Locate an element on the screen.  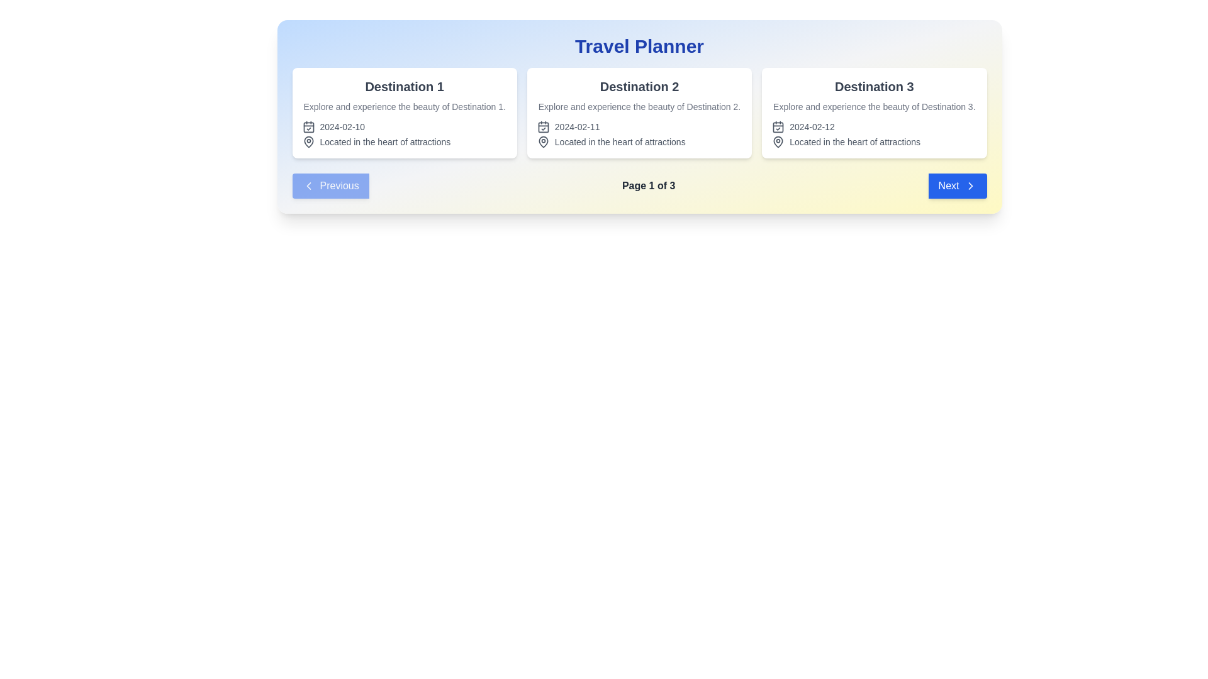
descriptive text element located below the title 'Destination 2' in the card, which highlights its appeal or purpose is located at coordinates (639, 106).